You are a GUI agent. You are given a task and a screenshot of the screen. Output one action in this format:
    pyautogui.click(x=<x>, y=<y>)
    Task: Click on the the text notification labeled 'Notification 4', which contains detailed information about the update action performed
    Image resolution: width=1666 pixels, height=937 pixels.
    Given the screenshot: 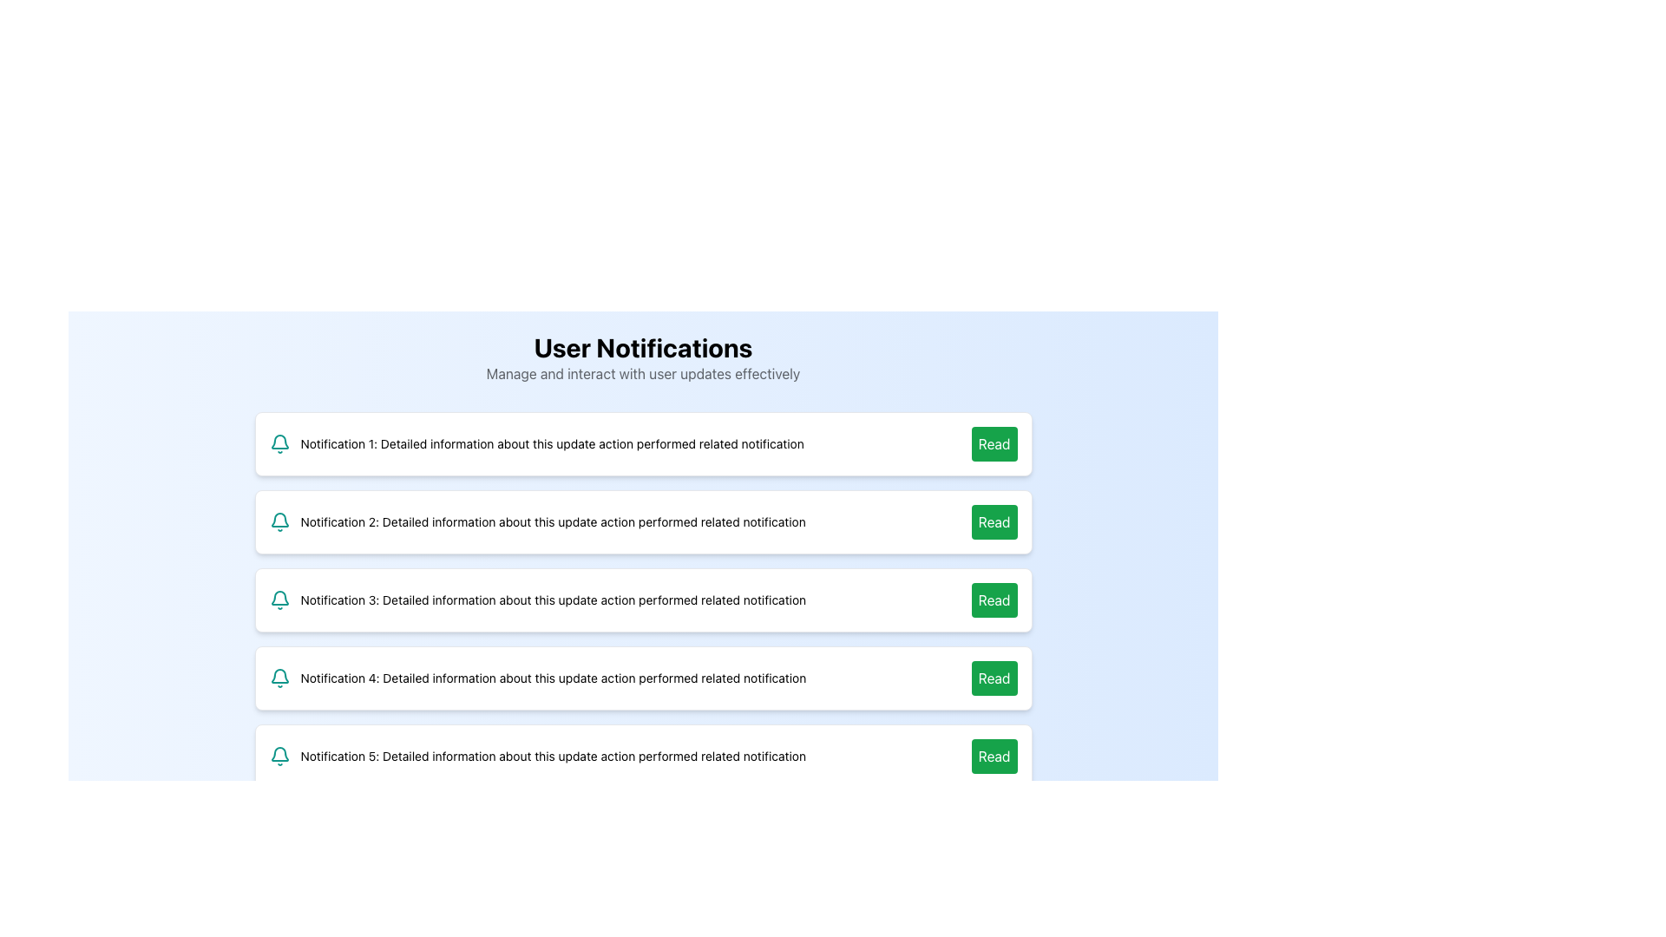 What is the action you would take?
    pyautogui.click(x=552, y=678)
    